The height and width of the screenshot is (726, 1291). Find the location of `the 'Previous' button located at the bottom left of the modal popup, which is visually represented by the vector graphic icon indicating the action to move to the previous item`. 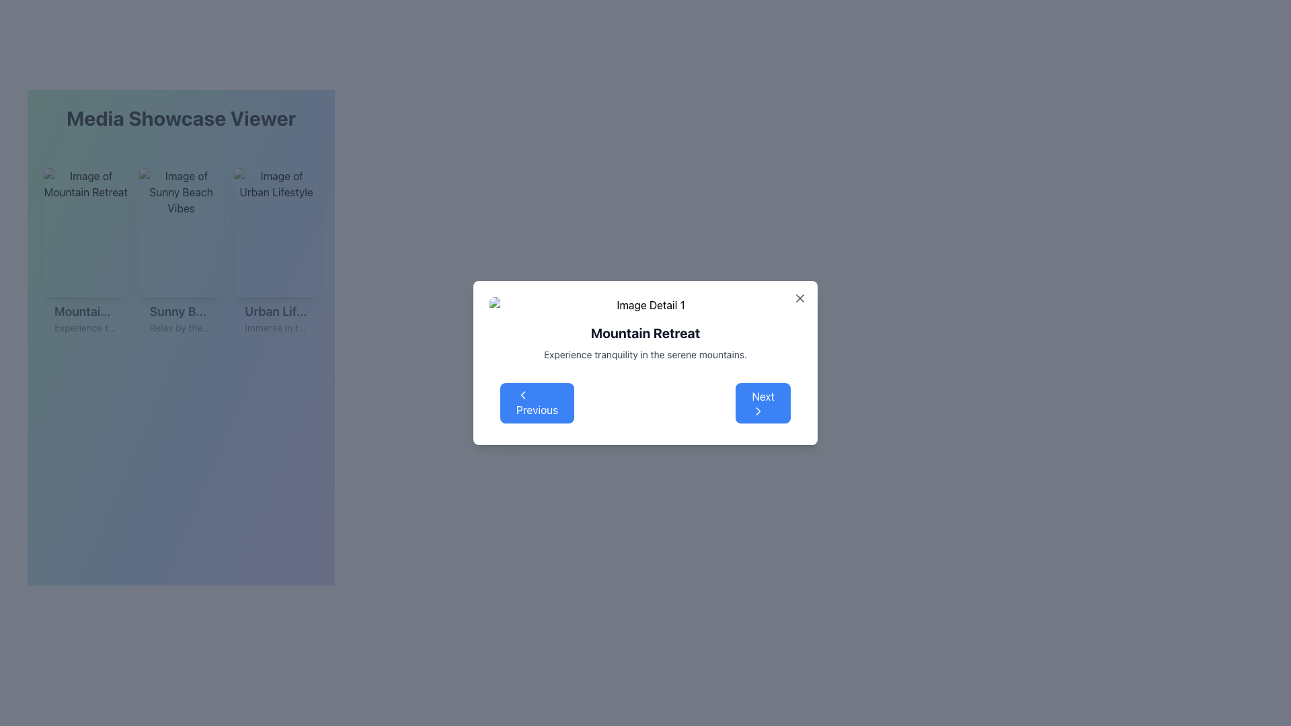

the 'Previous' button located at the bottom left of the modal popup, which is visually represented by the vector graphic icon indicating the action to move to the previous item is located at coordinates (522, 394).